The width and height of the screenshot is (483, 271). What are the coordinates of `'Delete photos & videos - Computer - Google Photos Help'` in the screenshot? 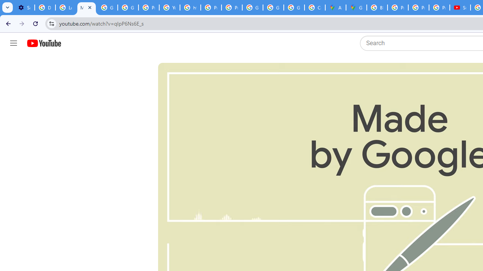 It's located at (45, 8).